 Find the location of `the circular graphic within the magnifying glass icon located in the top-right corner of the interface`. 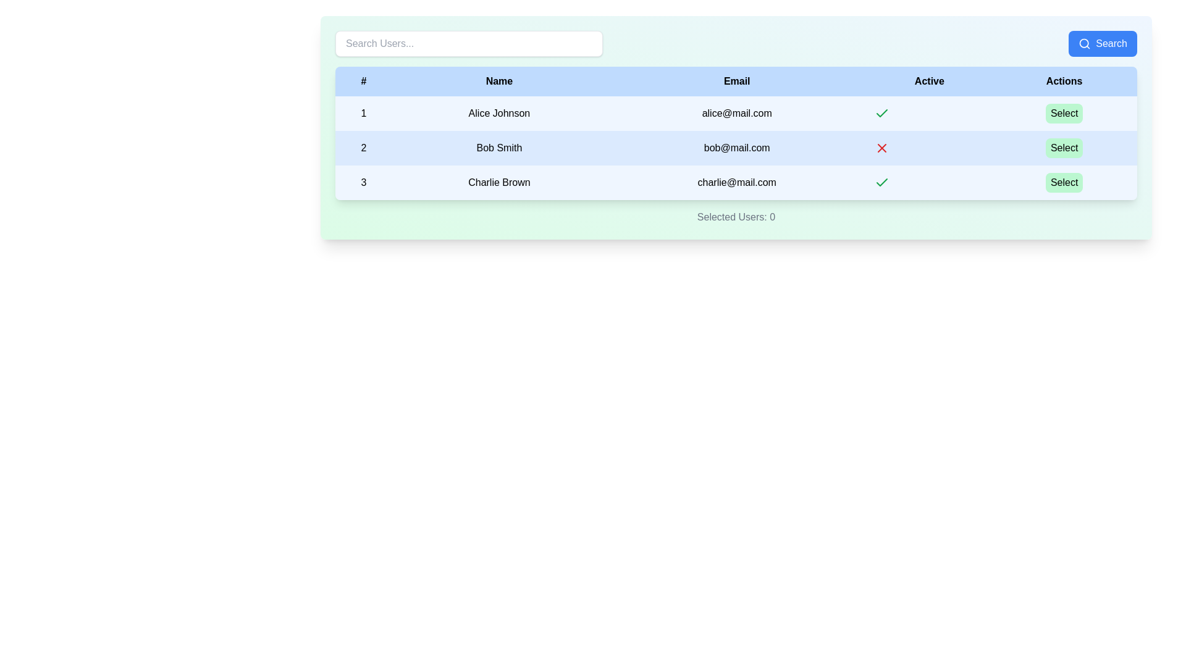

the circular graphic within the magnifying glass icon located in the top-right corner of the interface is located at coordinates (1083, 43).